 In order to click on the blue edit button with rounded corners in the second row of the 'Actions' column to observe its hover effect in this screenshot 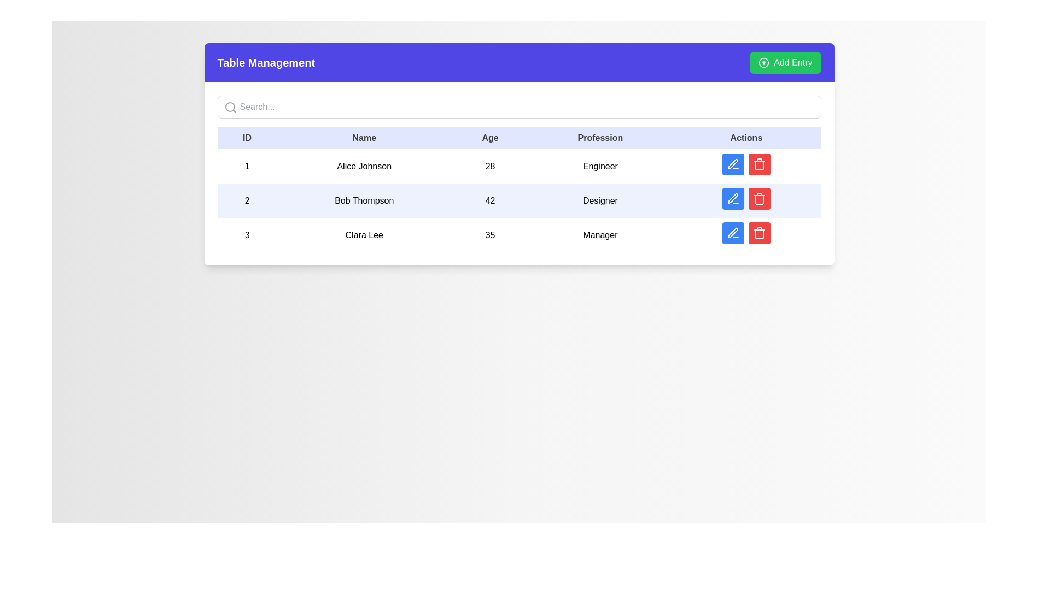, I will do `click(733, 198)`.